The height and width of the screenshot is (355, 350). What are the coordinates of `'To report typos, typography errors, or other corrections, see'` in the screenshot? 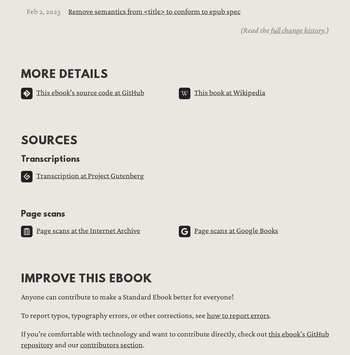 It's located at (21, 315).